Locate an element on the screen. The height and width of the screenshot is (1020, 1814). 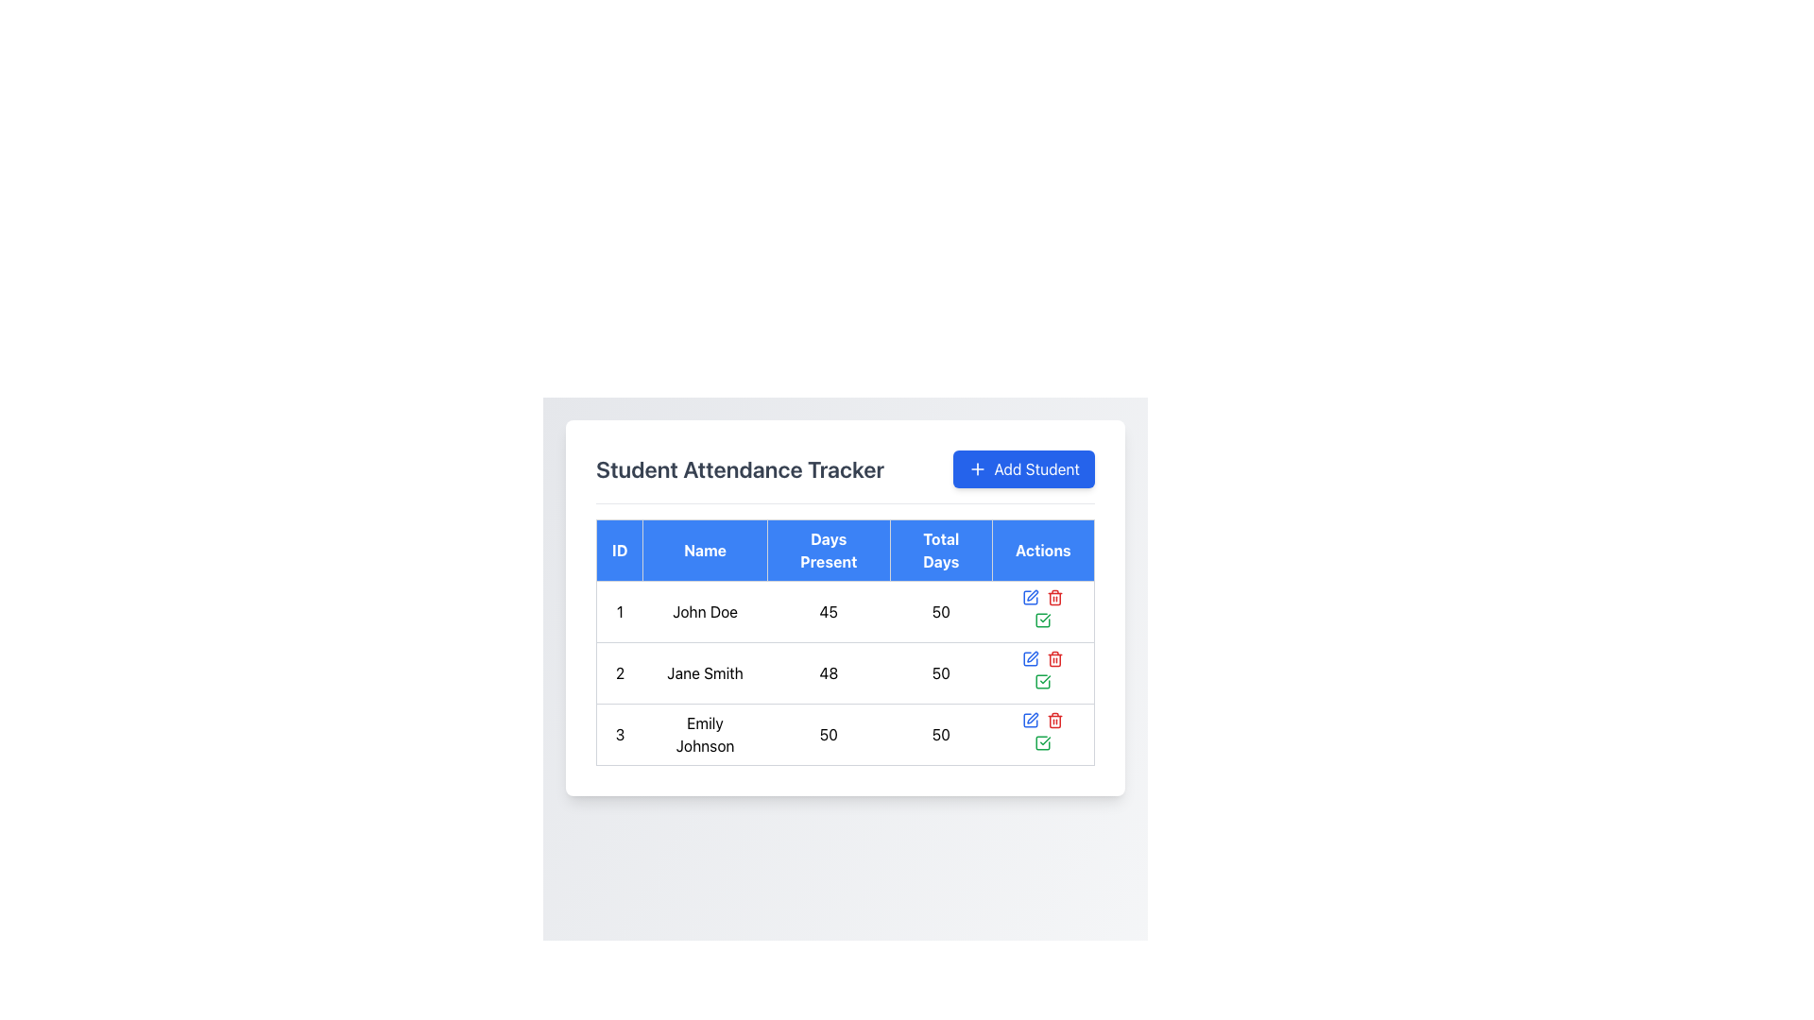
the text element displaying '50' in the second row under the 'Total Days' column, adjacent to '48' and action icons is located at coordinates (941, 672).